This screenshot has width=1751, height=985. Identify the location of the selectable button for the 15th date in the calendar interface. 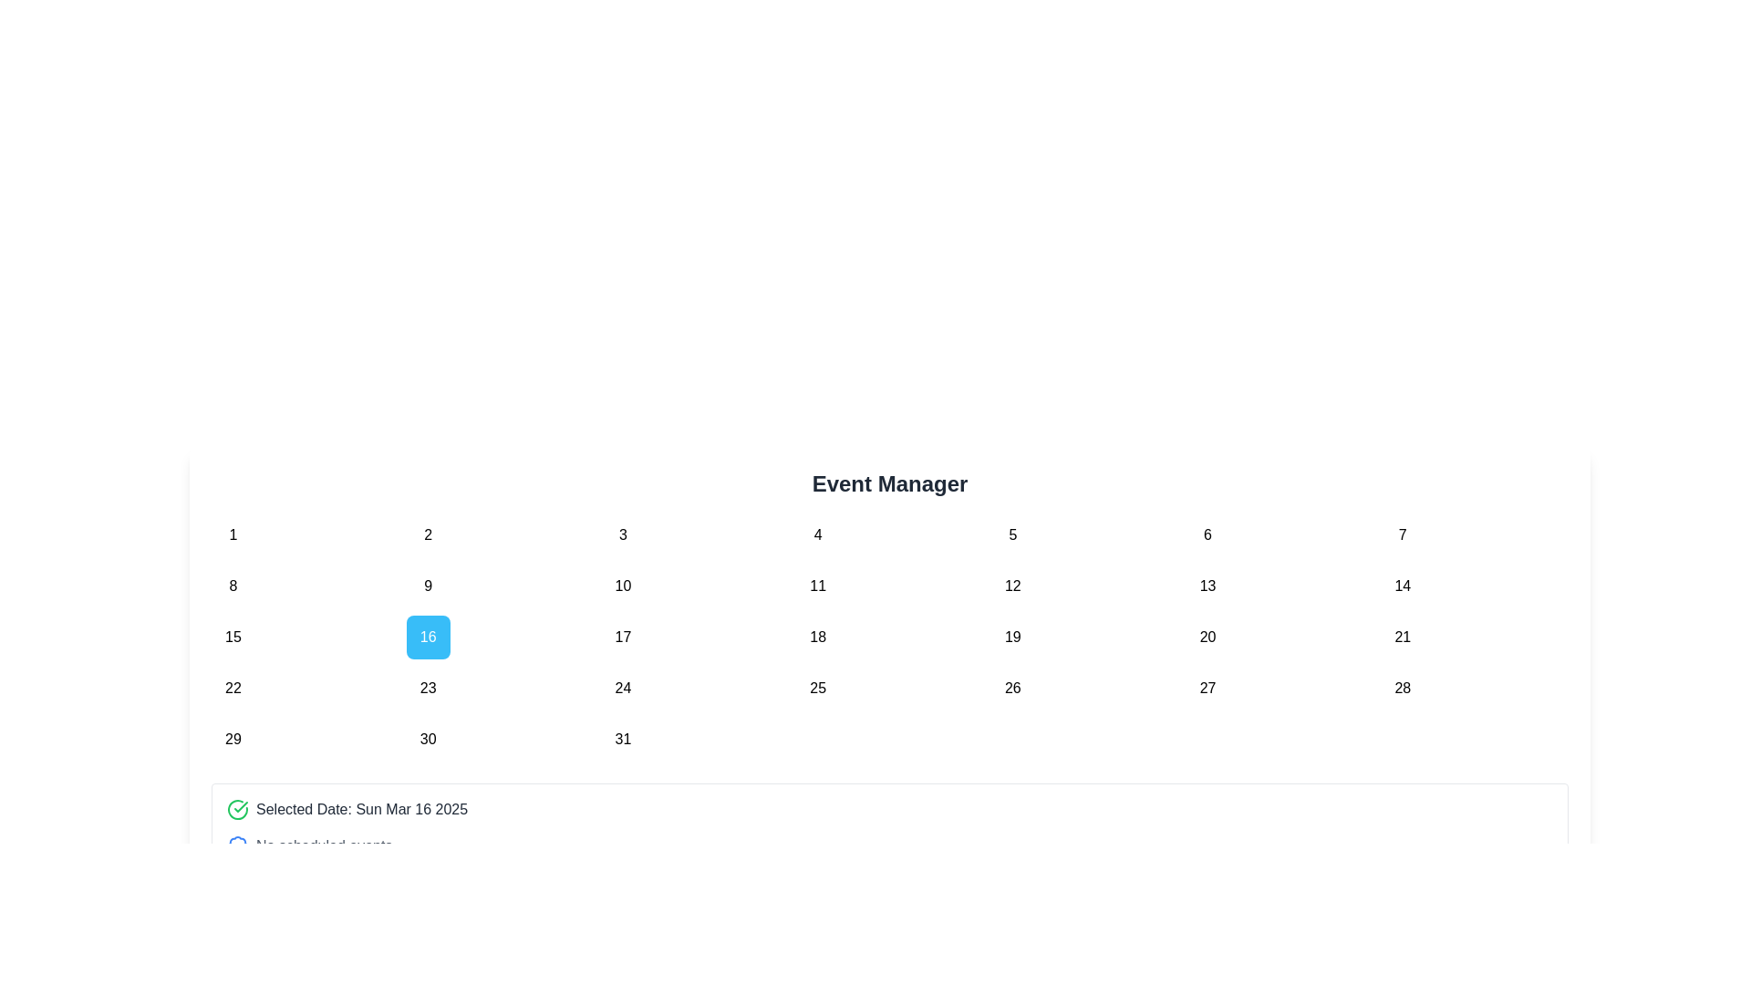
(232, 636).